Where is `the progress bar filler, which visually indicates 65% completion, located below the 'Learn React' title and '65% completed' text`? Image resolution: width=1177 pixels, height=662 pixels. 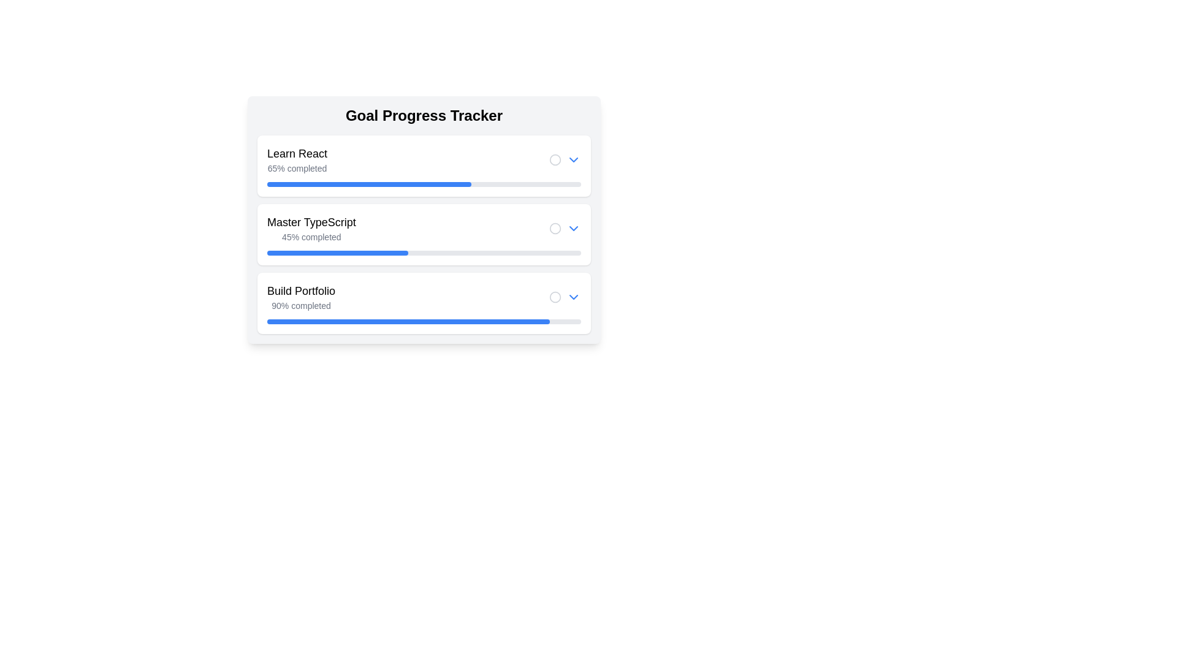 the progress bar filler, which visually indicates 65% completion, located below the 'Learn React' title and '65% completed' text is located at coordinates (368, 184).